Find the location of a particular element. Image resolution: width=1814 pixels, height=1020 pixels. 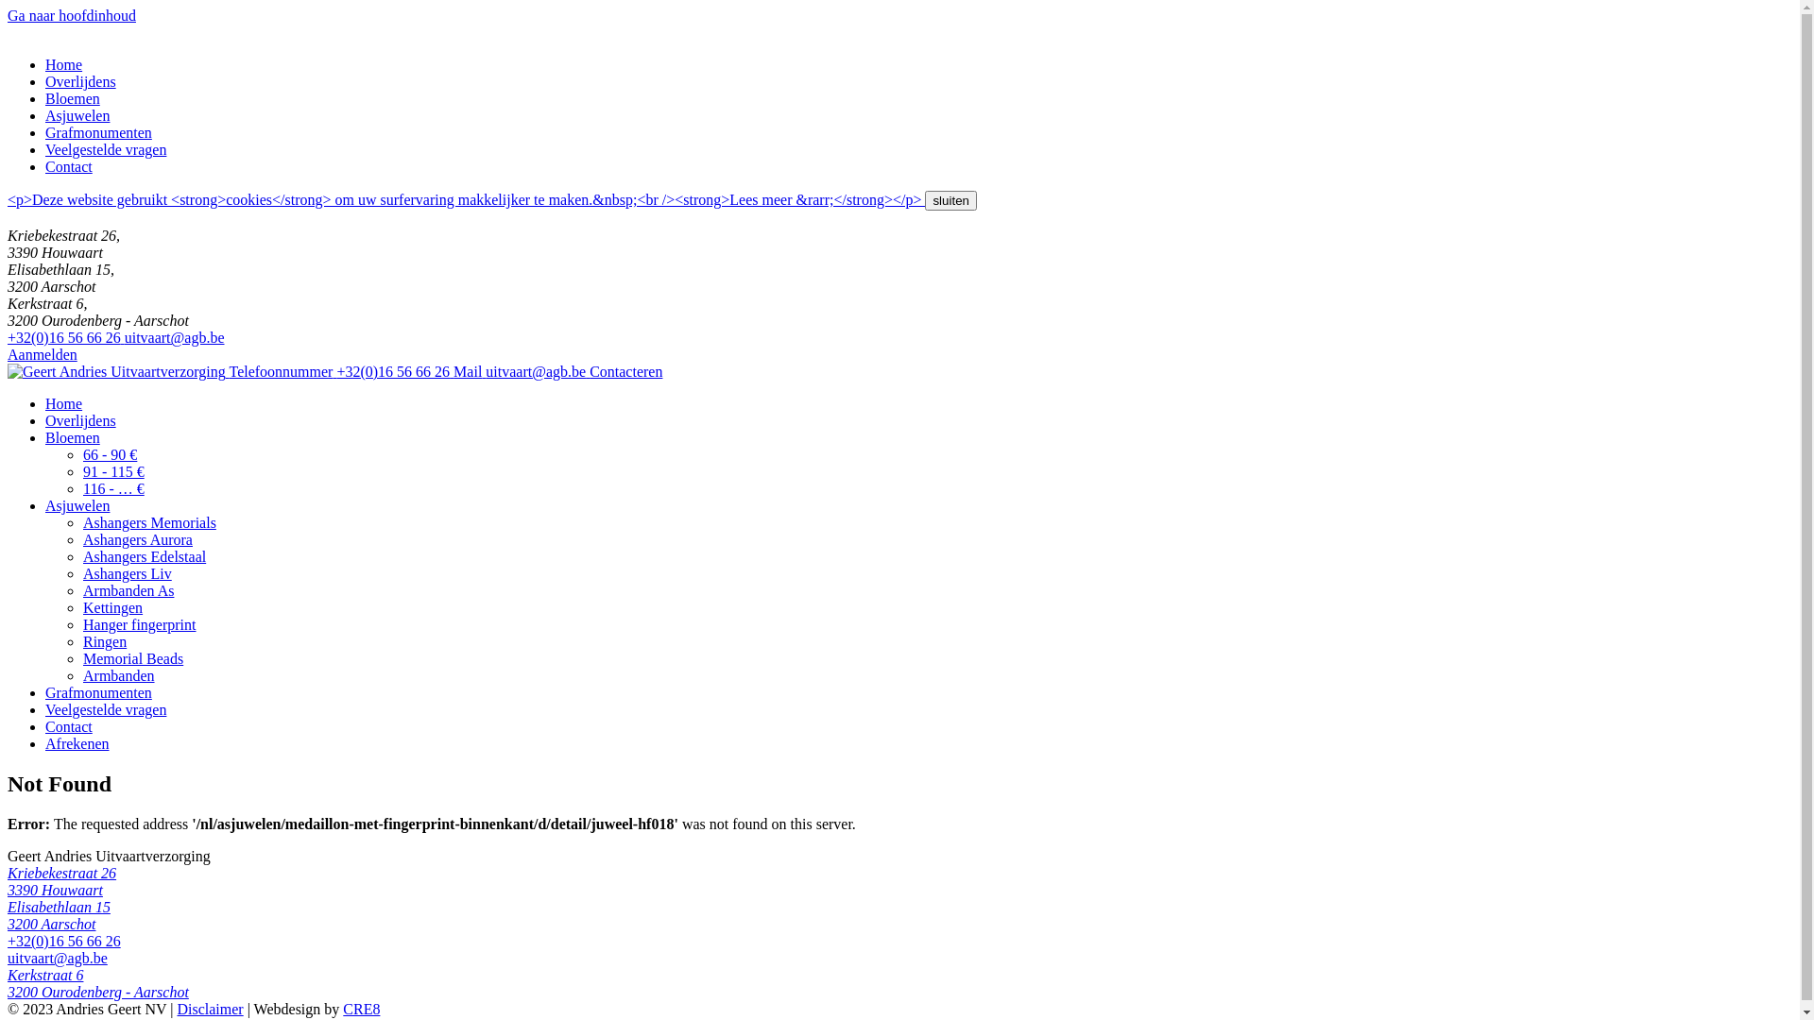

'Veelgestelde vragen' is located at coordinates (45, 148).